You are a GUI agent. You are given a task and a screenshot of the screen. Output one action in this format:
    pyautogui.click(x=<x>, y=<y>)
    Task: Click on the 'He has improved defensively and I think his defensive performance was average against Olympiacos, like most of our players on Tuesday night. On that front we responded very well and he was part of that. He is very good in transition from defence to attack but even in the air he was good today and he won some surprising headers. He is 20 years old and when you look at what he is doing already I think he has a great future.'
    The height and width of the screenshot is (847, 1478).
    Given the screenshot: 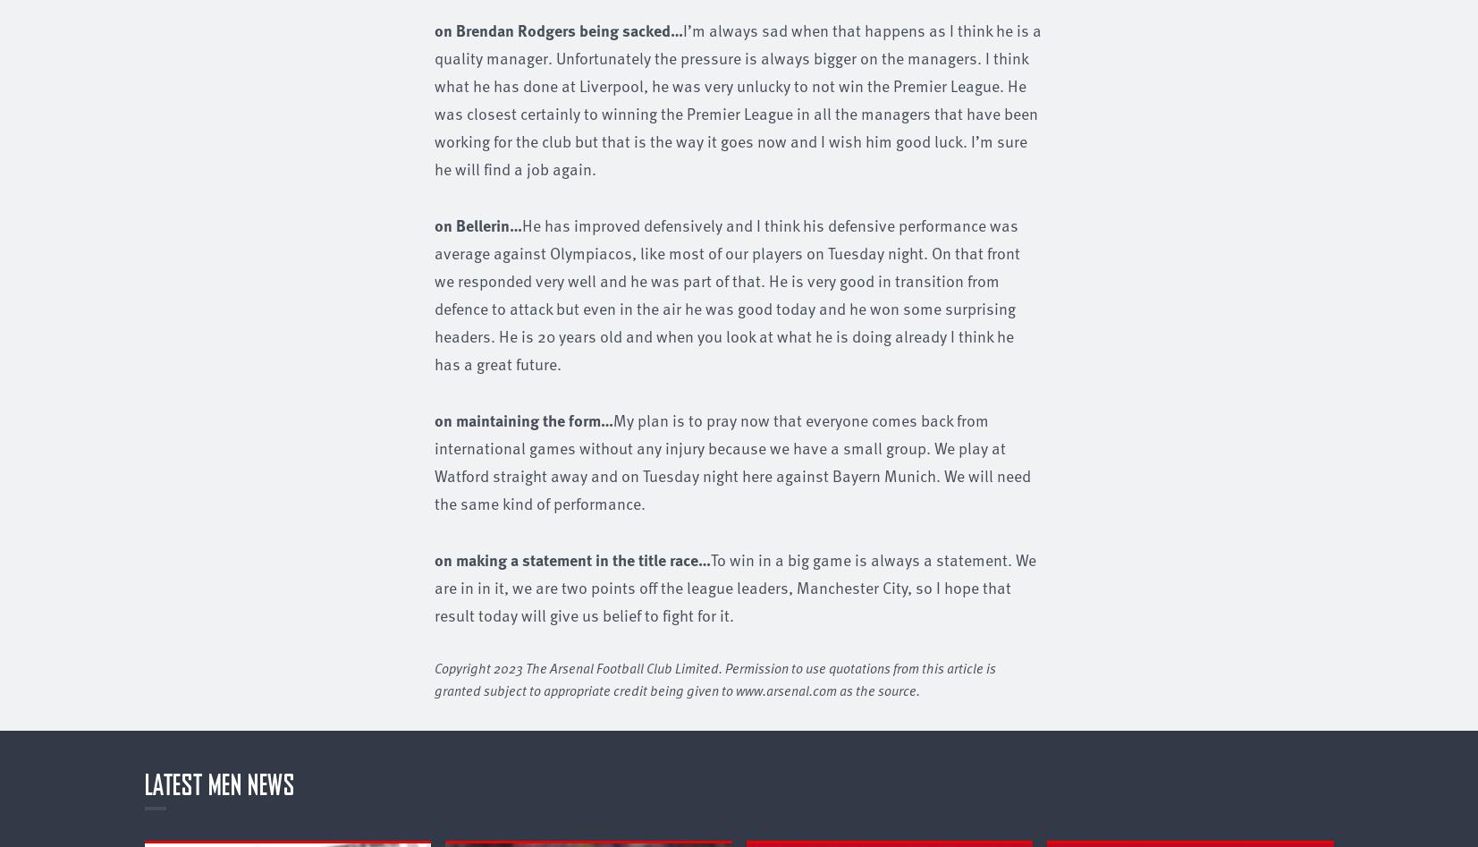 What is the action you would take?
    pyautogui.click(x=433, y=292)
    